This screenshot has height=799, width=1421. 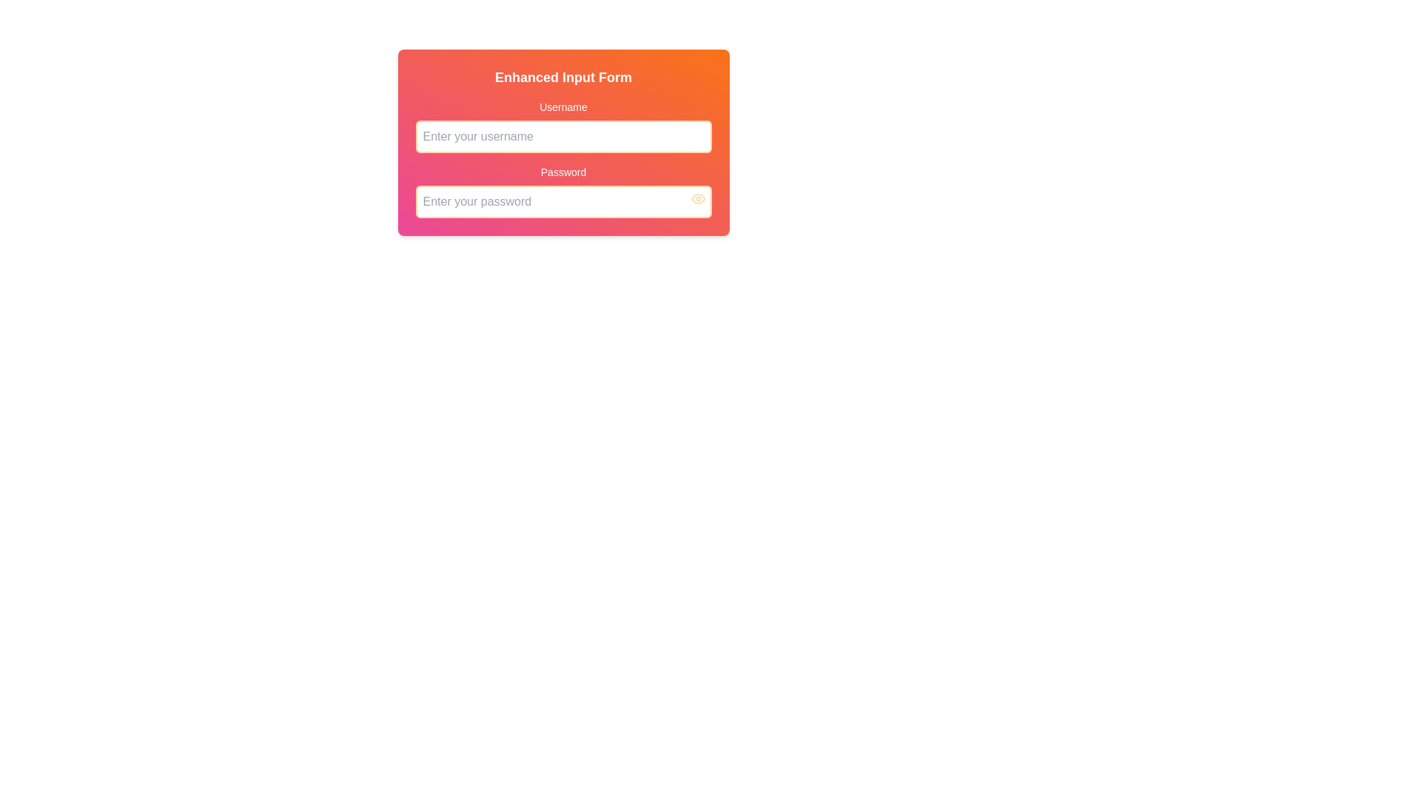 I want to click on the visibility toggle icon, an eye-shaped SVG image located at the top-right corner of the password input field, so click(x=697, y=198).